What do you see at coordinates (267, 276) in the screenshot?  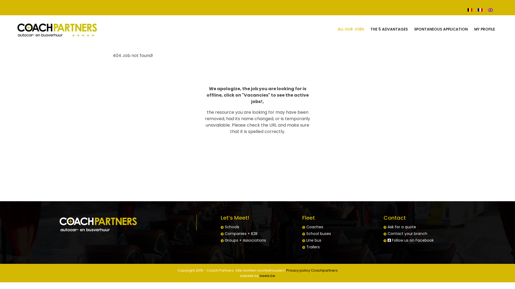 I see `'beels.be'` at bounding box center [267, 276].